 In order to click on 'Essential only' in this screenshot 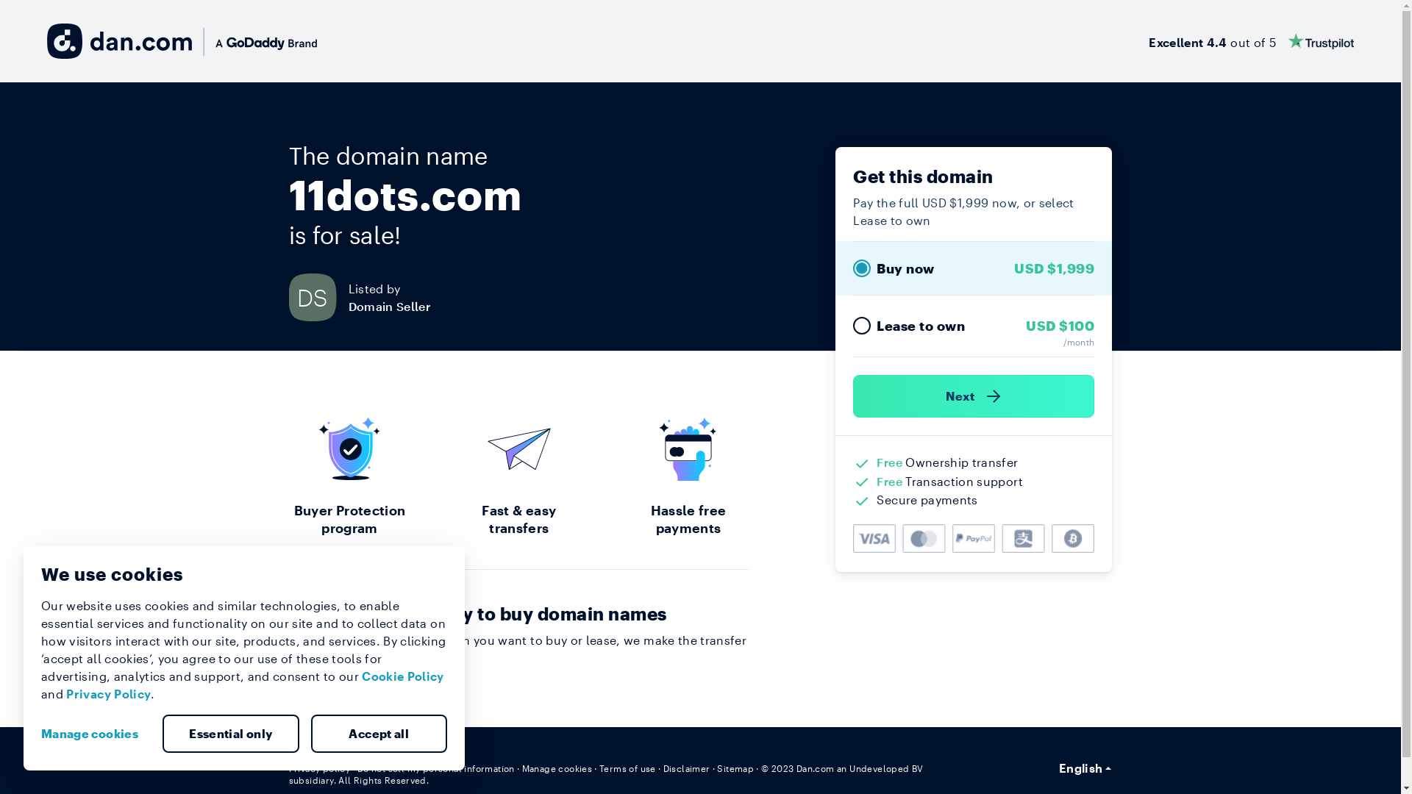, I will do `click(229, 734)`.